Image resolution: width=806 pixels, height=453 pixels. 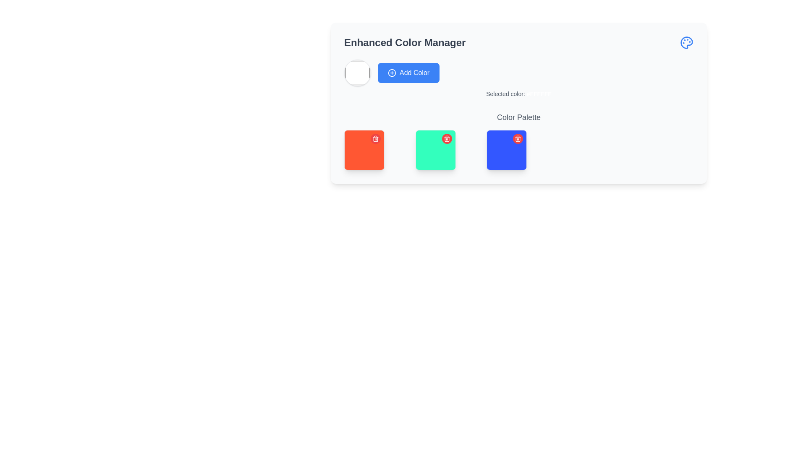 I want to click on the red trash bin icon button located in the top-right corner of the blue color palette section, so click(x=446, y=138).